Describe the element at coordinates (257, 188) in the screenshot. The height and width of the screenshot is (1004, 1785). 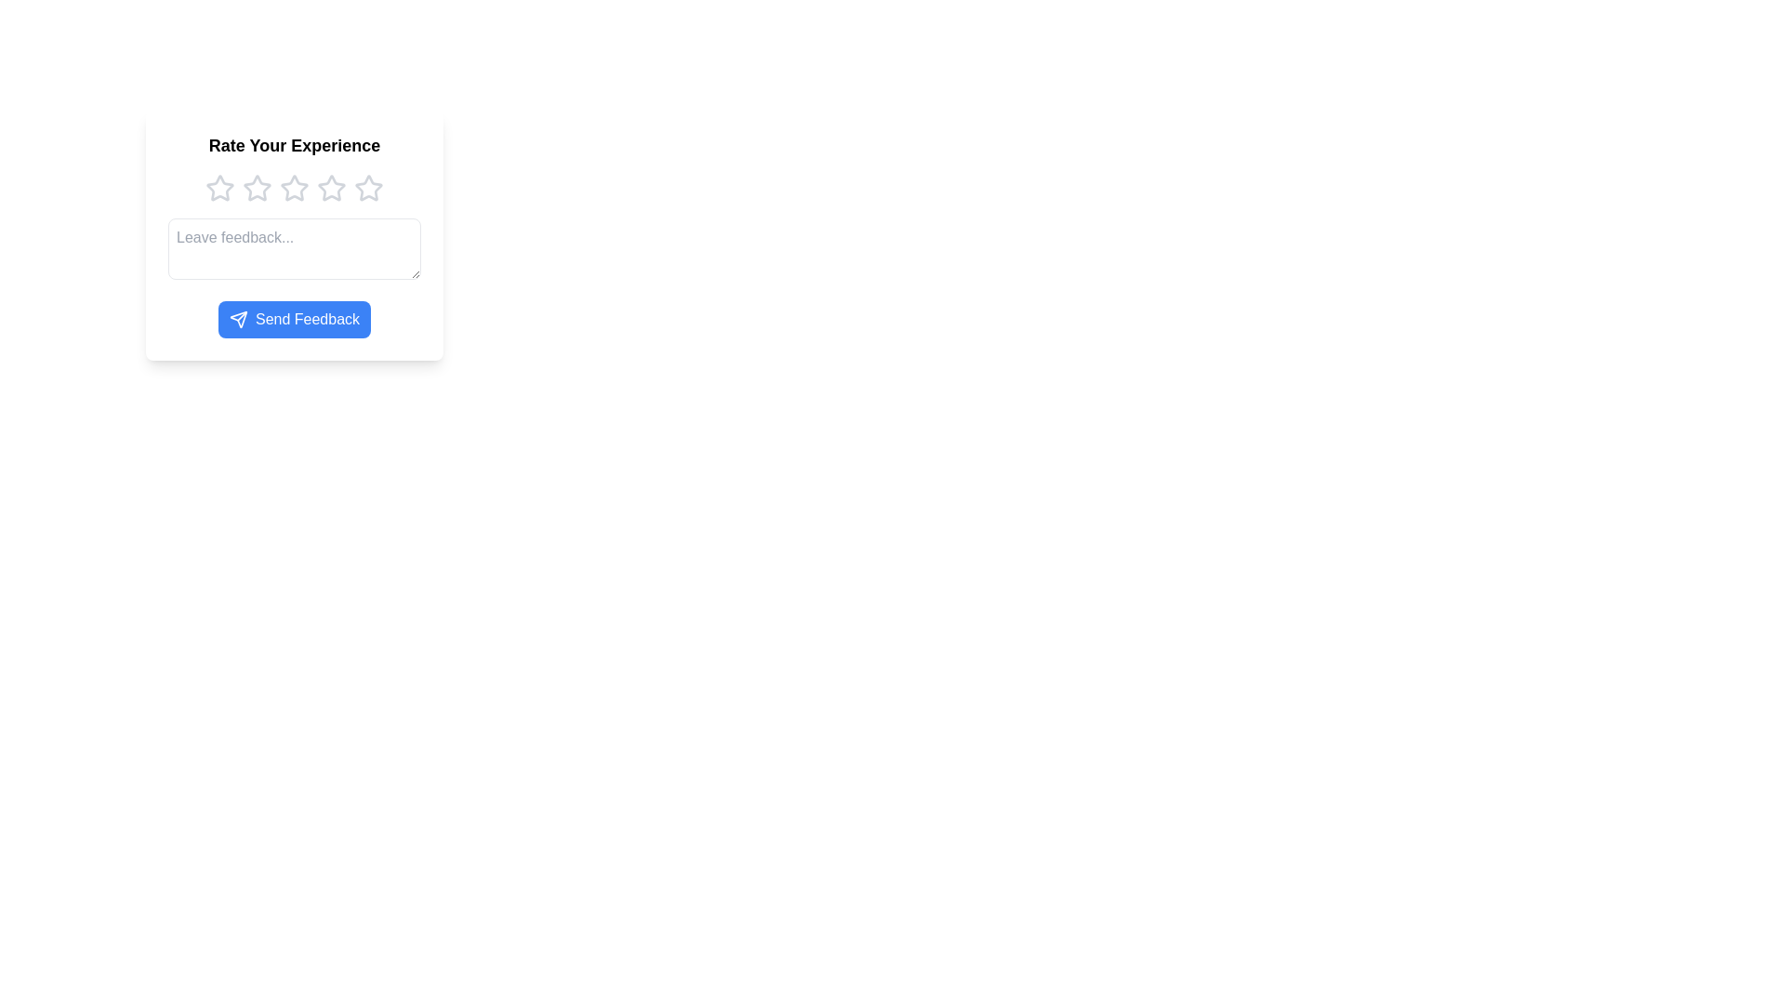
I see `the second interactive star icon in the rating widget to rate your experience` at that location.